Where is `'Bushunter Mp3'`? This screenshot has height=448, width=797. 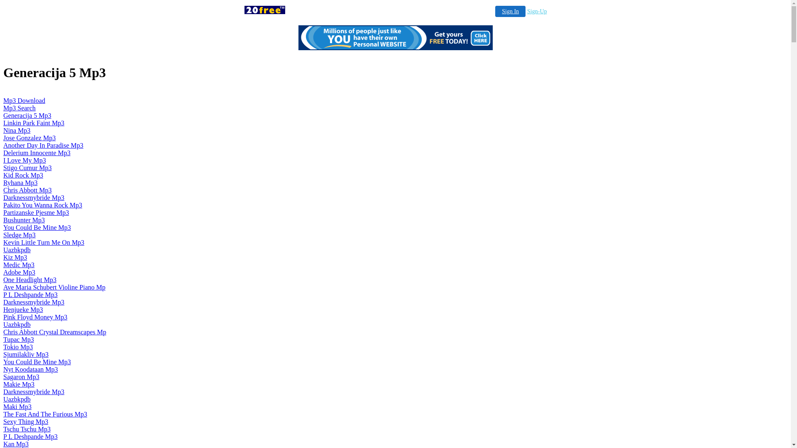 'Bushunter Mp3' is located at coordinates (24, 219).